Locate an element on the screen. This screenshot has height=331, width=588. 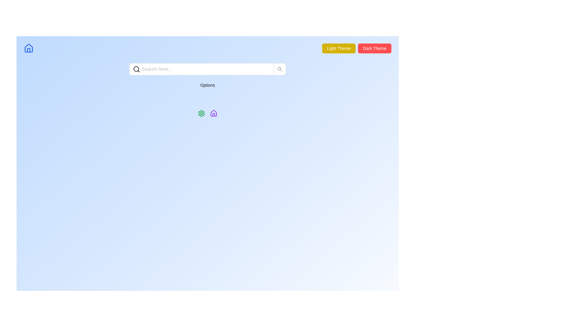
the circular magnifying glass icon located at the beginning of the search input field, aligned to the left of the placeholder text 'Search here...' is located at coordinates (136, 69).